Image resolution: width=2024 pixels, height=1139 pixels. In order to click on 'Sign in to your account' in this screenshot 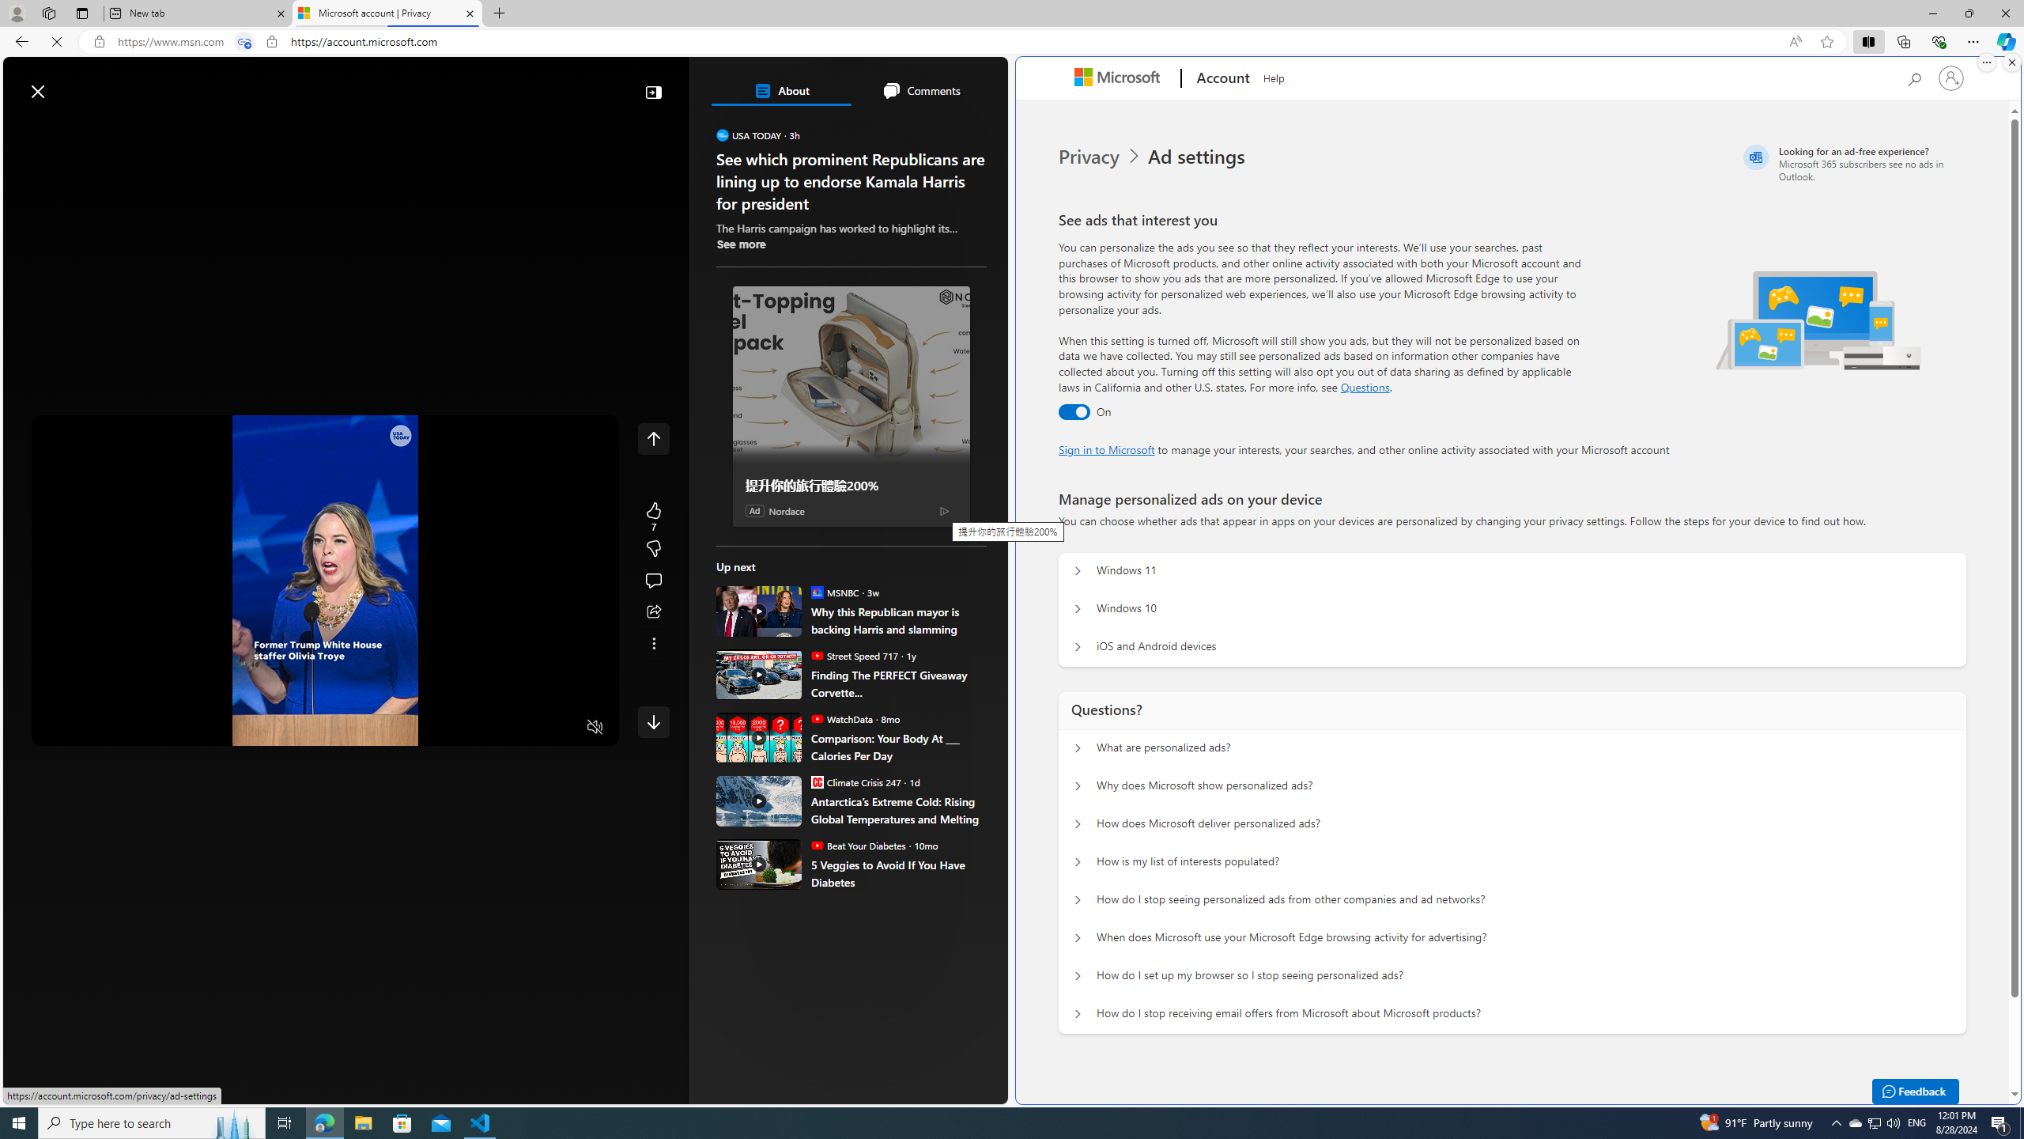, I will do `click(1952, 77)`.